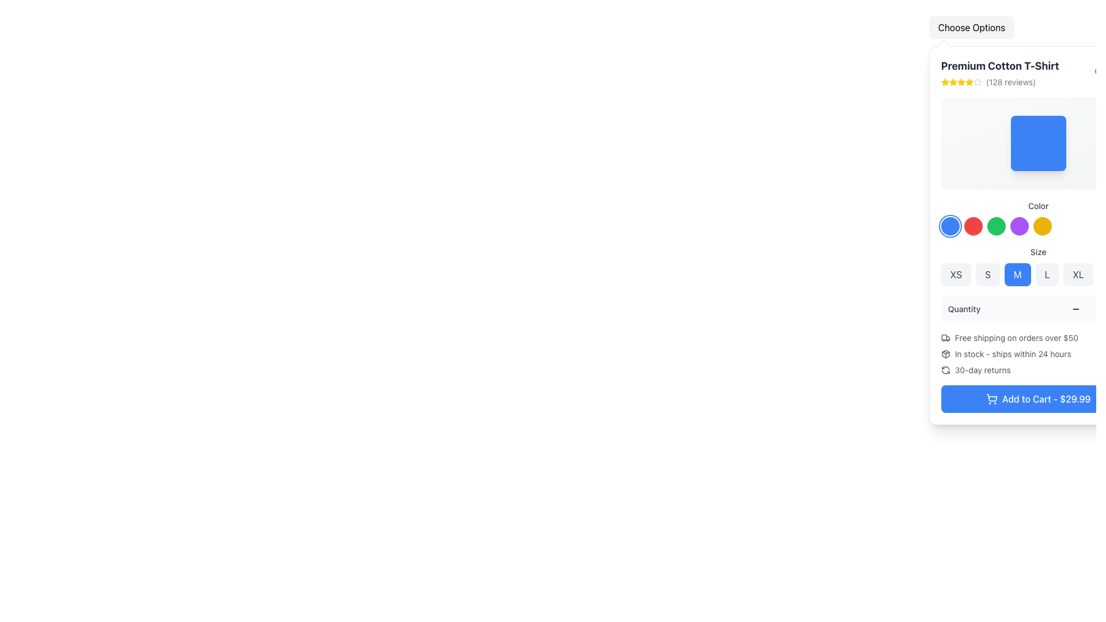 Image resolution: width=1106 pixels, height=622 pixels. I want to click on the static text label displaying '30-day returns' with gray font style, located above the 'Add to Cart' button in the product details card, so click(982, 370).